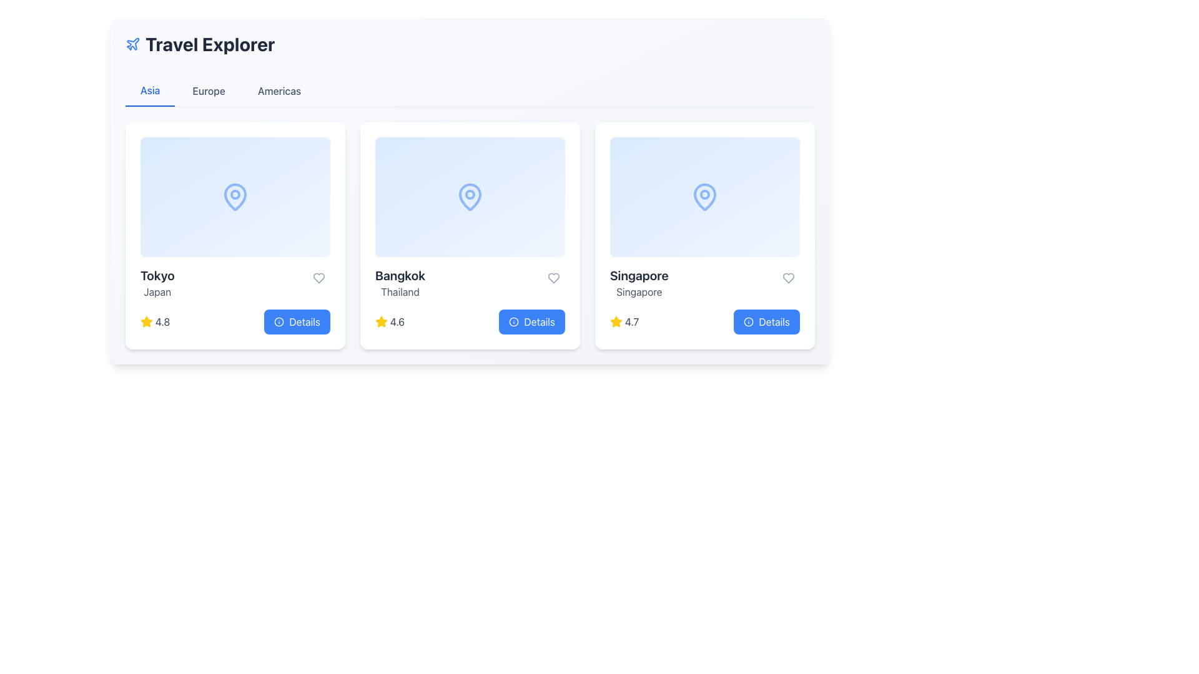 This screenshot has width=1199, height=674. Describe the element at coordinates (132, 43) in the screenshot. I see `the decorative travel-themed icon located to the left of the 'Travel Explorer' branding header at the top of the interface` at that location.